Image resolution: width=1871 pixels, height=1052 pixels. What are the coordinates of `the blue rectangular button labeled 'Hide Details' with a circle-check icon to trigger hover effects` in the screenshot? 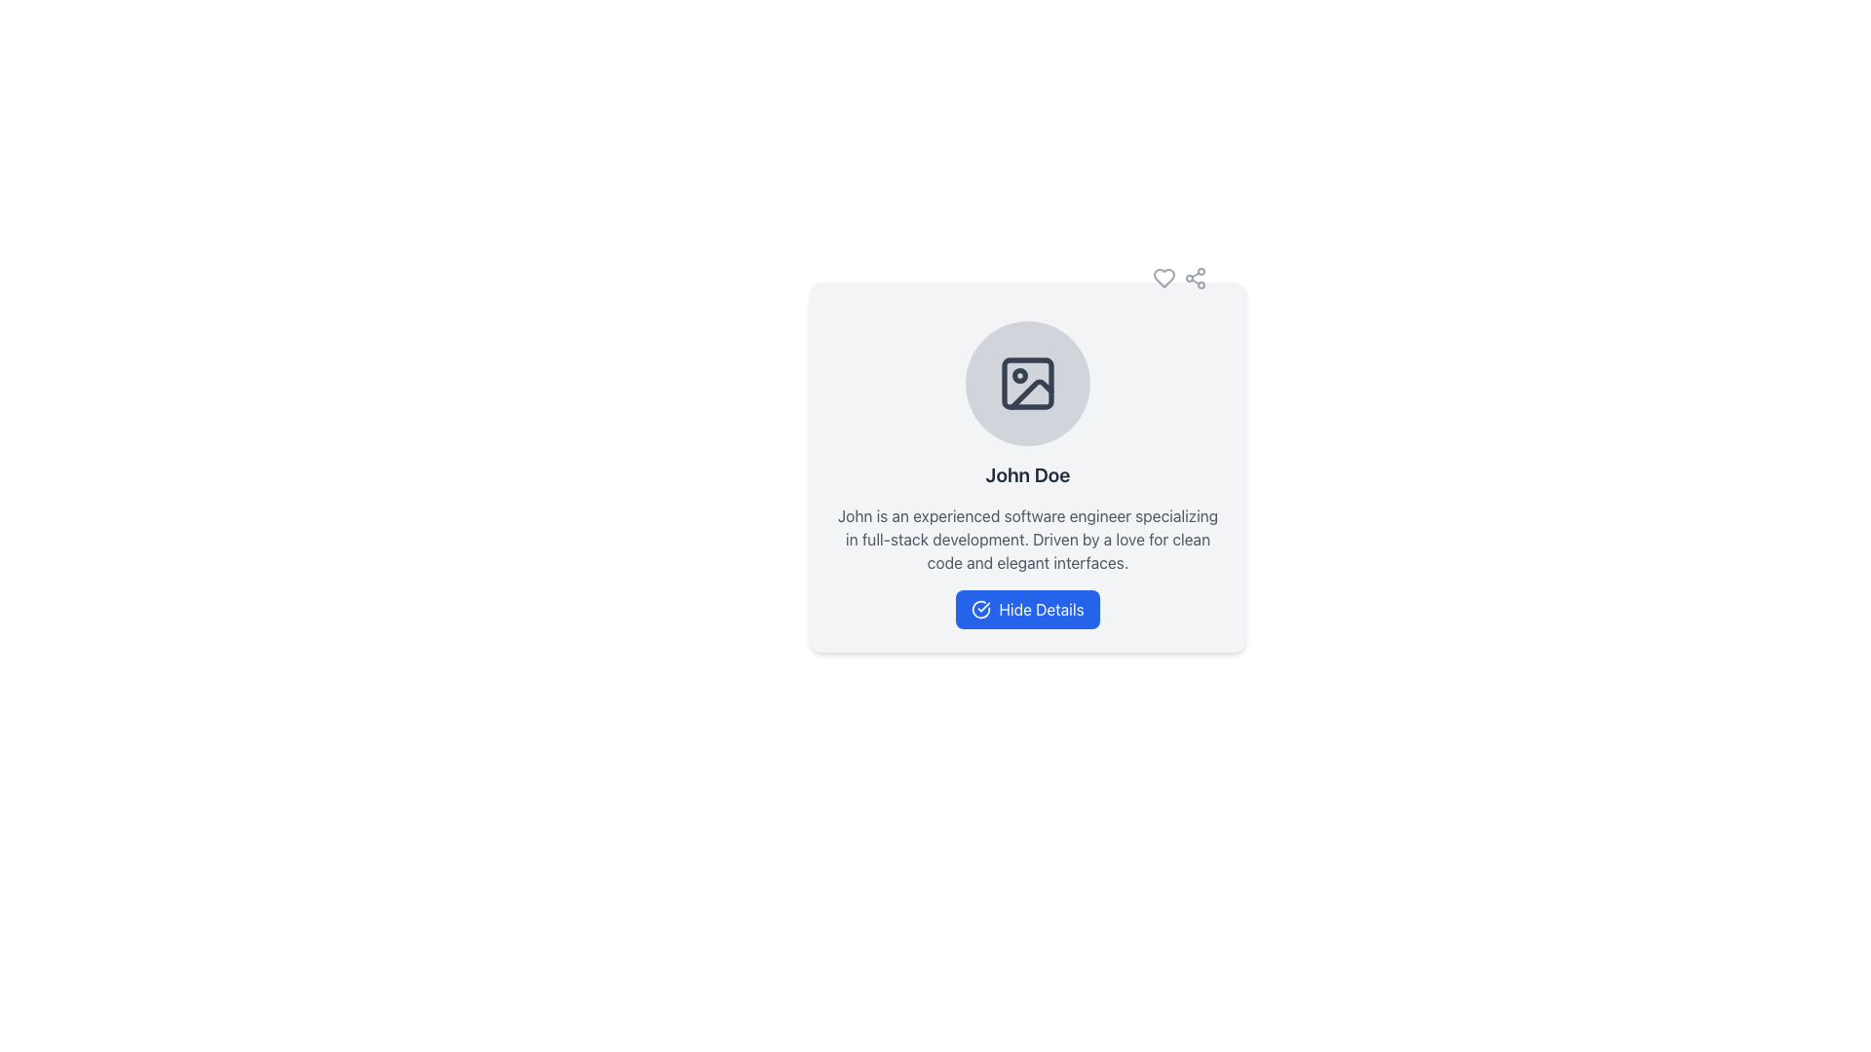 It's located at (1027, 608).